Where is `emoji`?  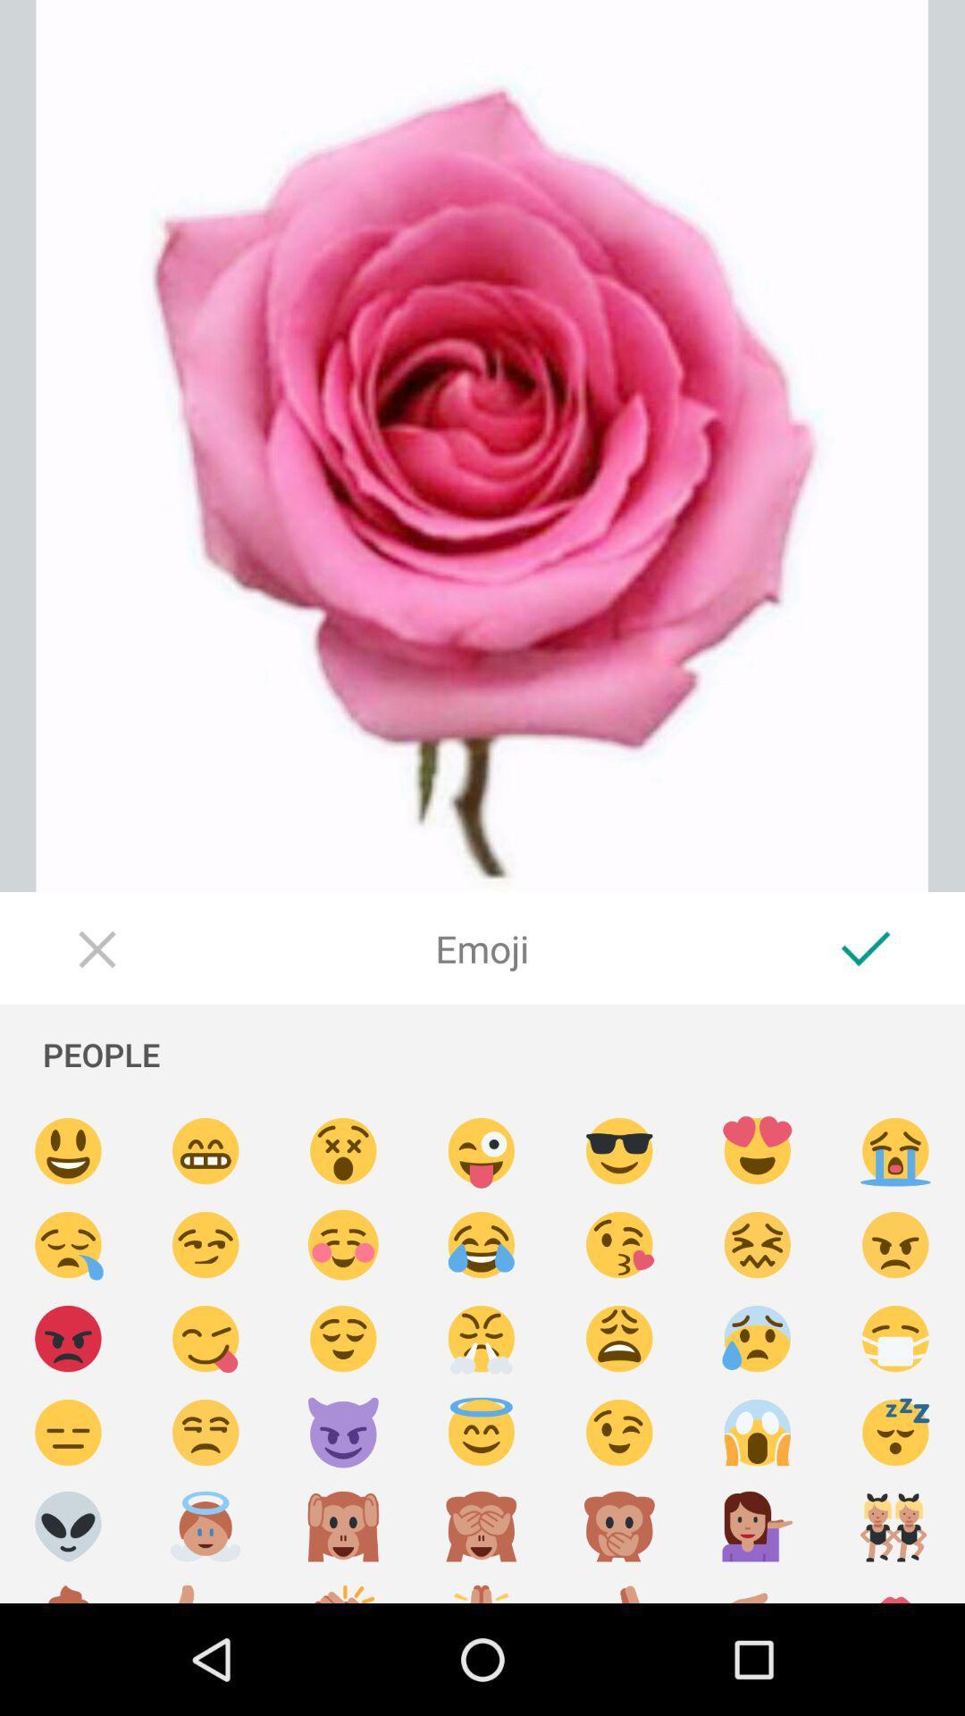 emoji is located at coordinates (618, 1151).